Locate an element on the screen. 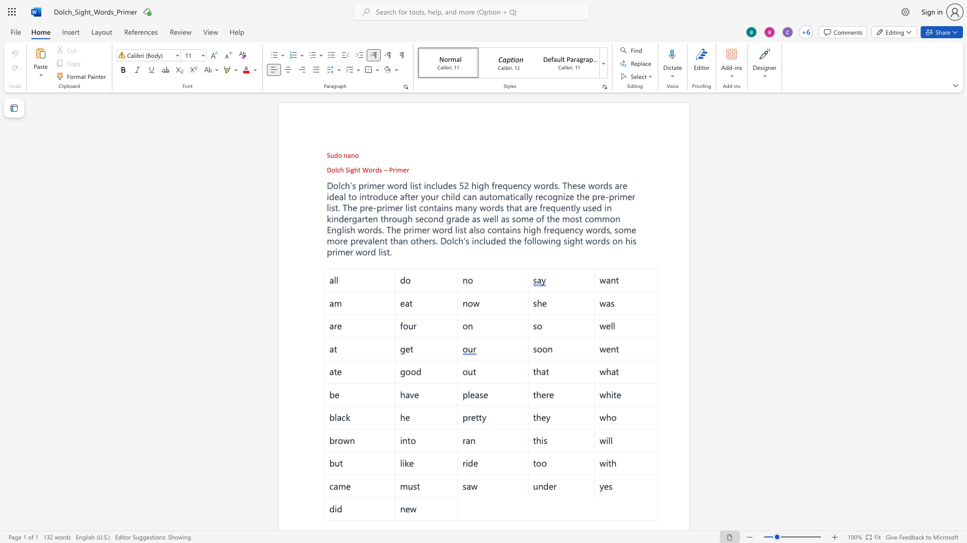  the 5th character "s" in the text is located at coordinates (579, 186).